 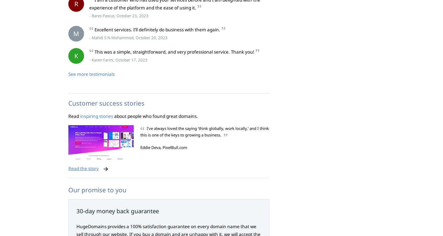 What do you see at coordinates (83, 168) in the screenshot?
I see `'Read the story'` at bounding box center [83, 168].